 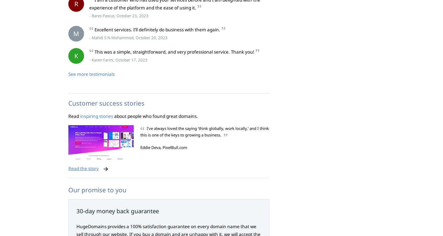 What do you see at coordinates (83, 168) in the screenshot?
I see `'Read the story'` at bounding box center [83, 168].